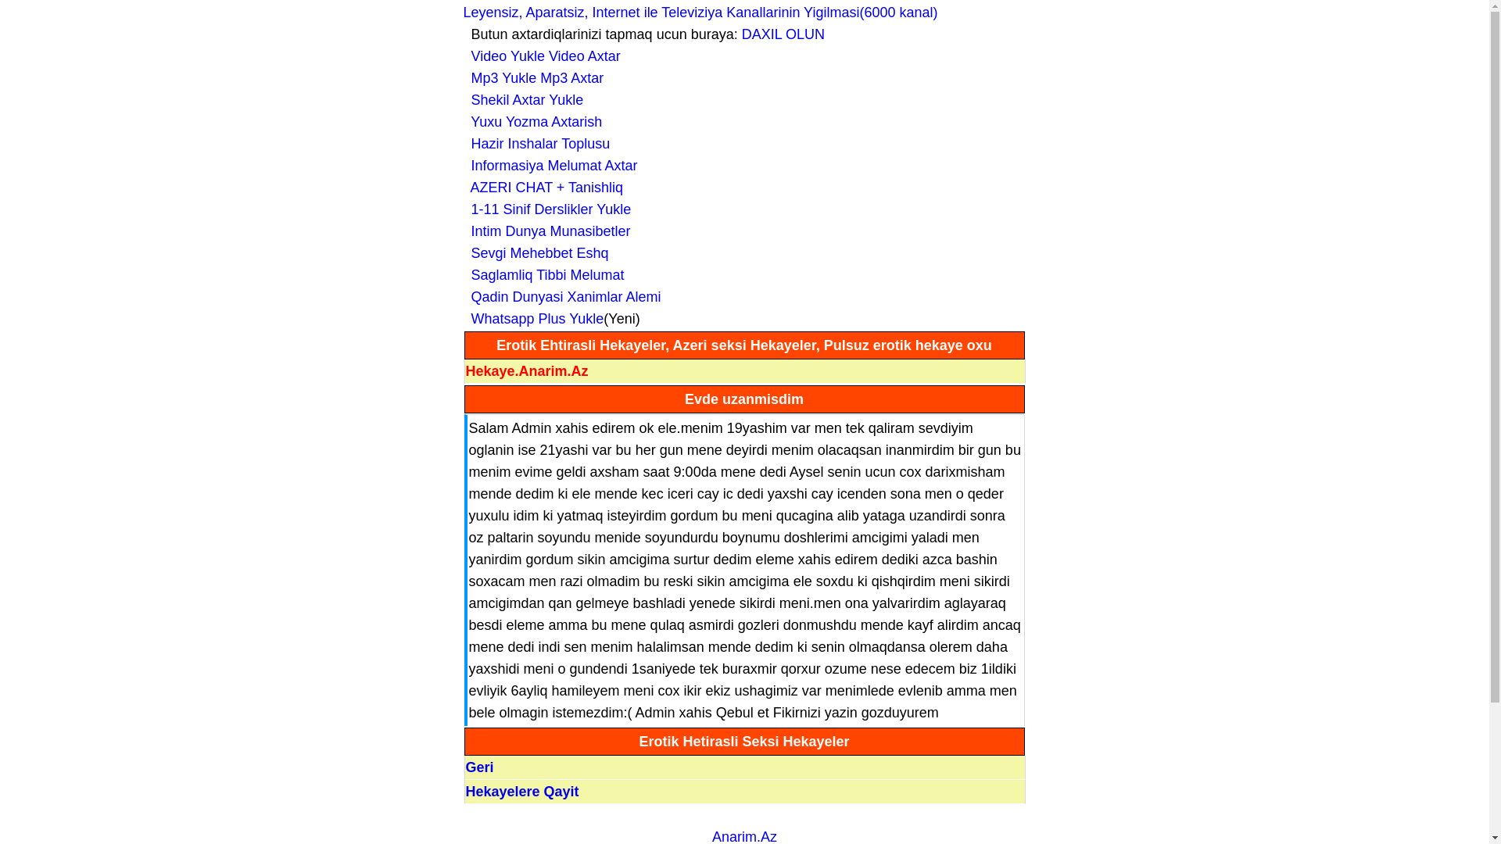  Describe the element at coordinates (546, 208) in the screenshot. I see `'  1-11 Sinif Derslikler Yukle'` at that location.